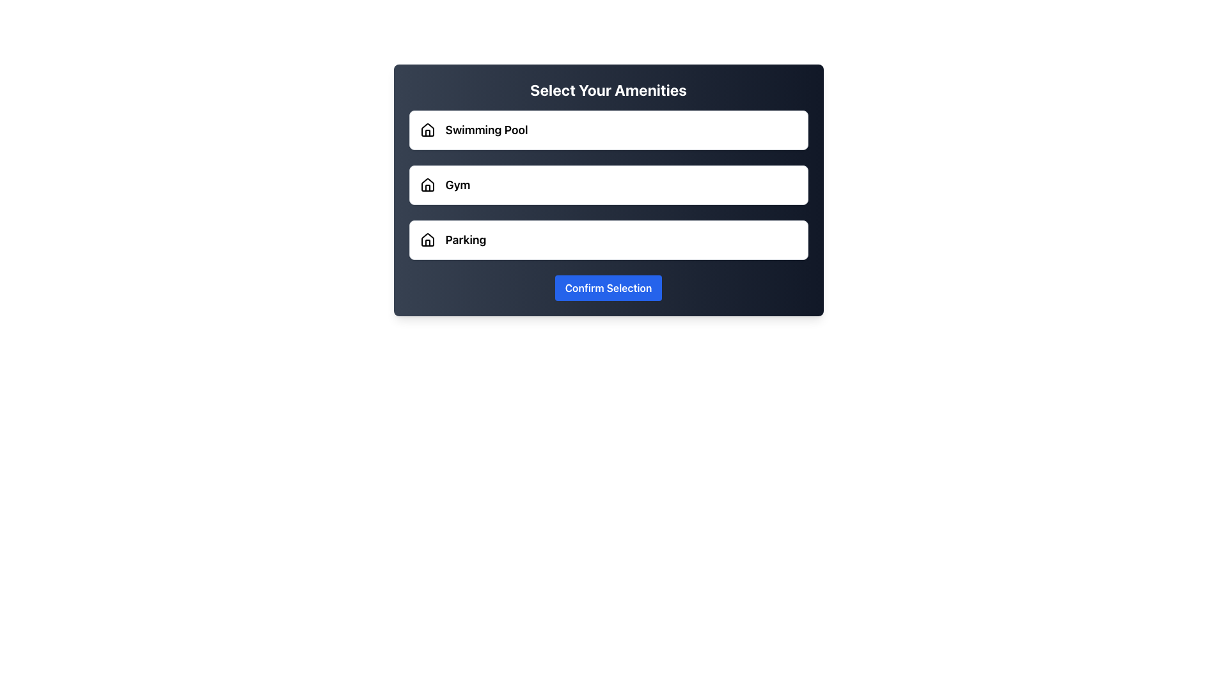  What do you see at coordinates (608, 240) in the screenshot?
I see `the 'Parking' option button, which is the third option` at bounding box center [608, 240].